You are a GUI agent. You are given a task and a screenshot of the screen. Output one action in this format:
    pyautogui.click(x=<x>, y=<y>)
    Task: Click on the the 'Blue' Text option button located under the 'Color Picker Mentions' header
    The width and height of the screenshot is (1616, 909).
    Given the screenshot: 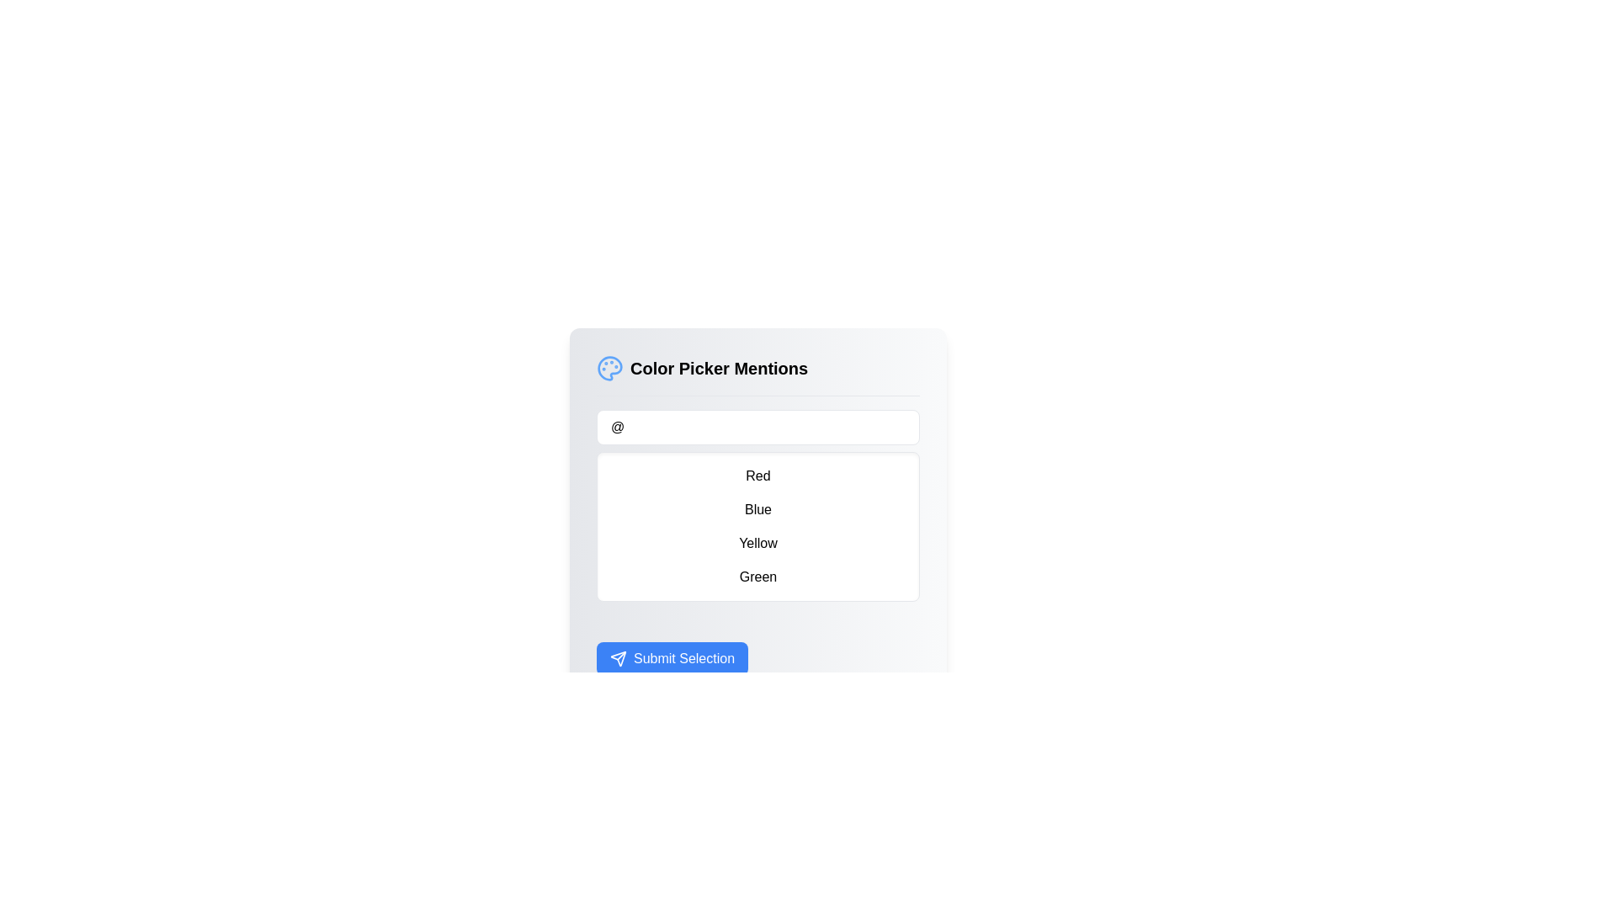 What is the action you would take?
    pyautogui.click(x=757, y=508)
    